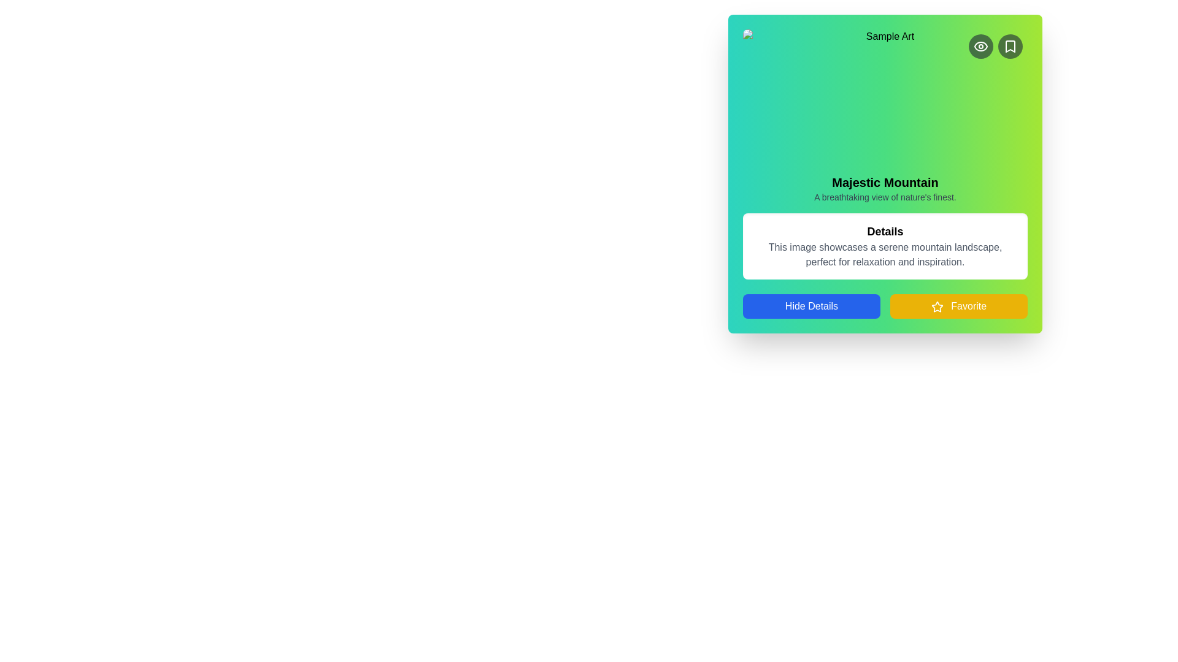 This screenshot has height=662, width=1178. I want to click on content displayed in the text display component located near the center of a colored card styled with a gradient background, above a white information box, and under two small icons at the top right corner, so click(885, 174).